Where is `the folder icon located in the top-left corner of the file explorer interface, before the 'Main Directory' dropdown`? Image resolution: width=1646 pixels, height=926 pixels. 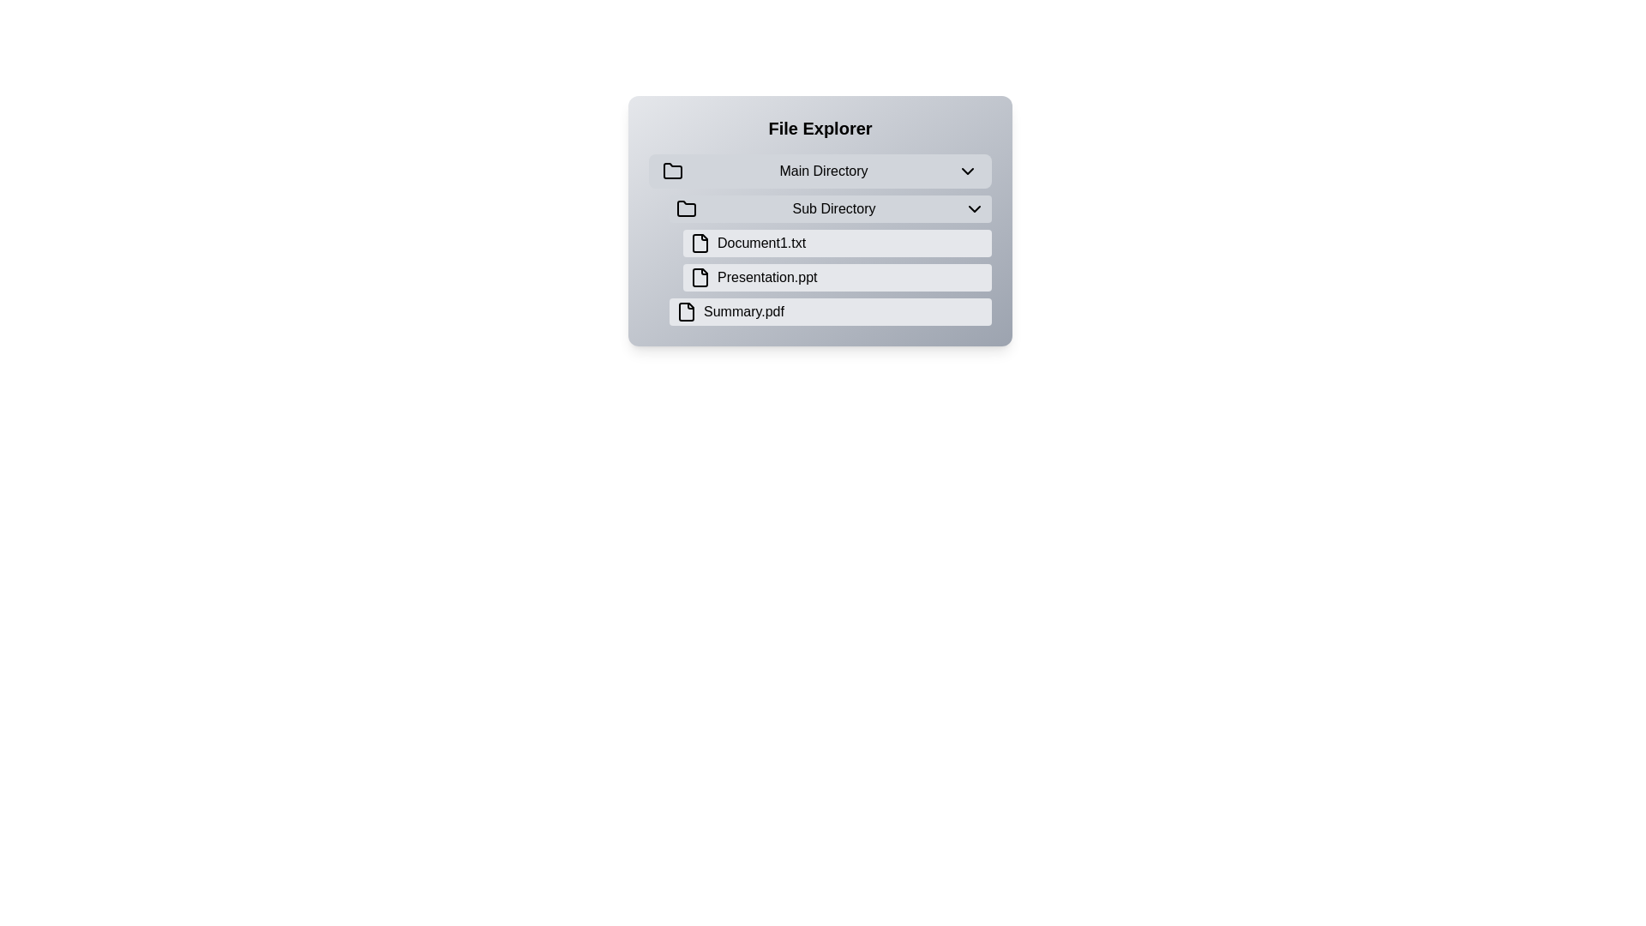 the folder icon located in the top-left corner of the file explorer interface, before the 'Main Directory' dropdown is located at coordinates (672, 171).